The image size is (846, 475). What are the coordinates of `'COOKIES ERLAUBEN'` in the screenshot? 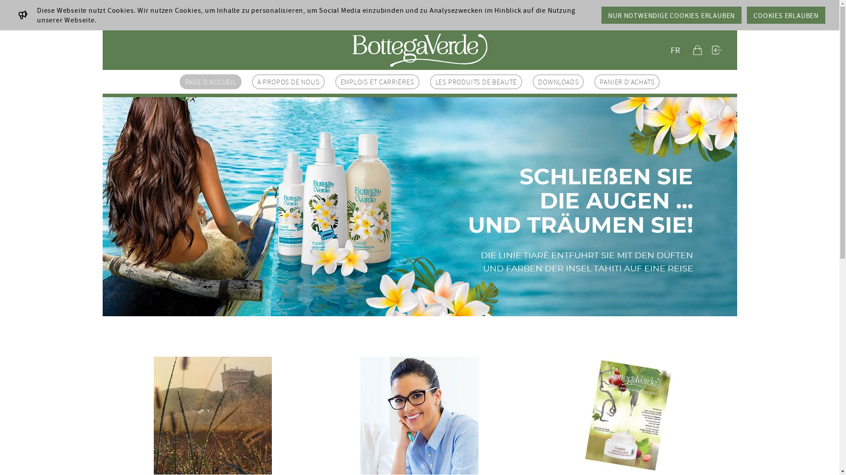 It's located at (786, 15).